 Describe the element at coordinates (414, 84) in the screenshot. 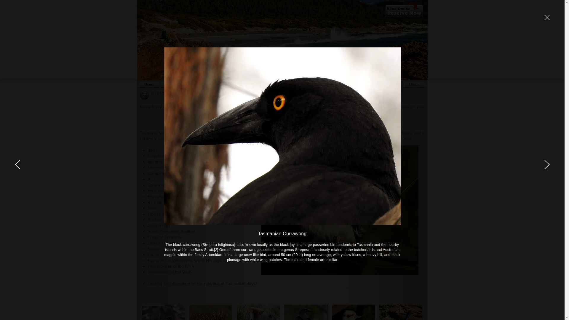

I see `'History'` at that location.